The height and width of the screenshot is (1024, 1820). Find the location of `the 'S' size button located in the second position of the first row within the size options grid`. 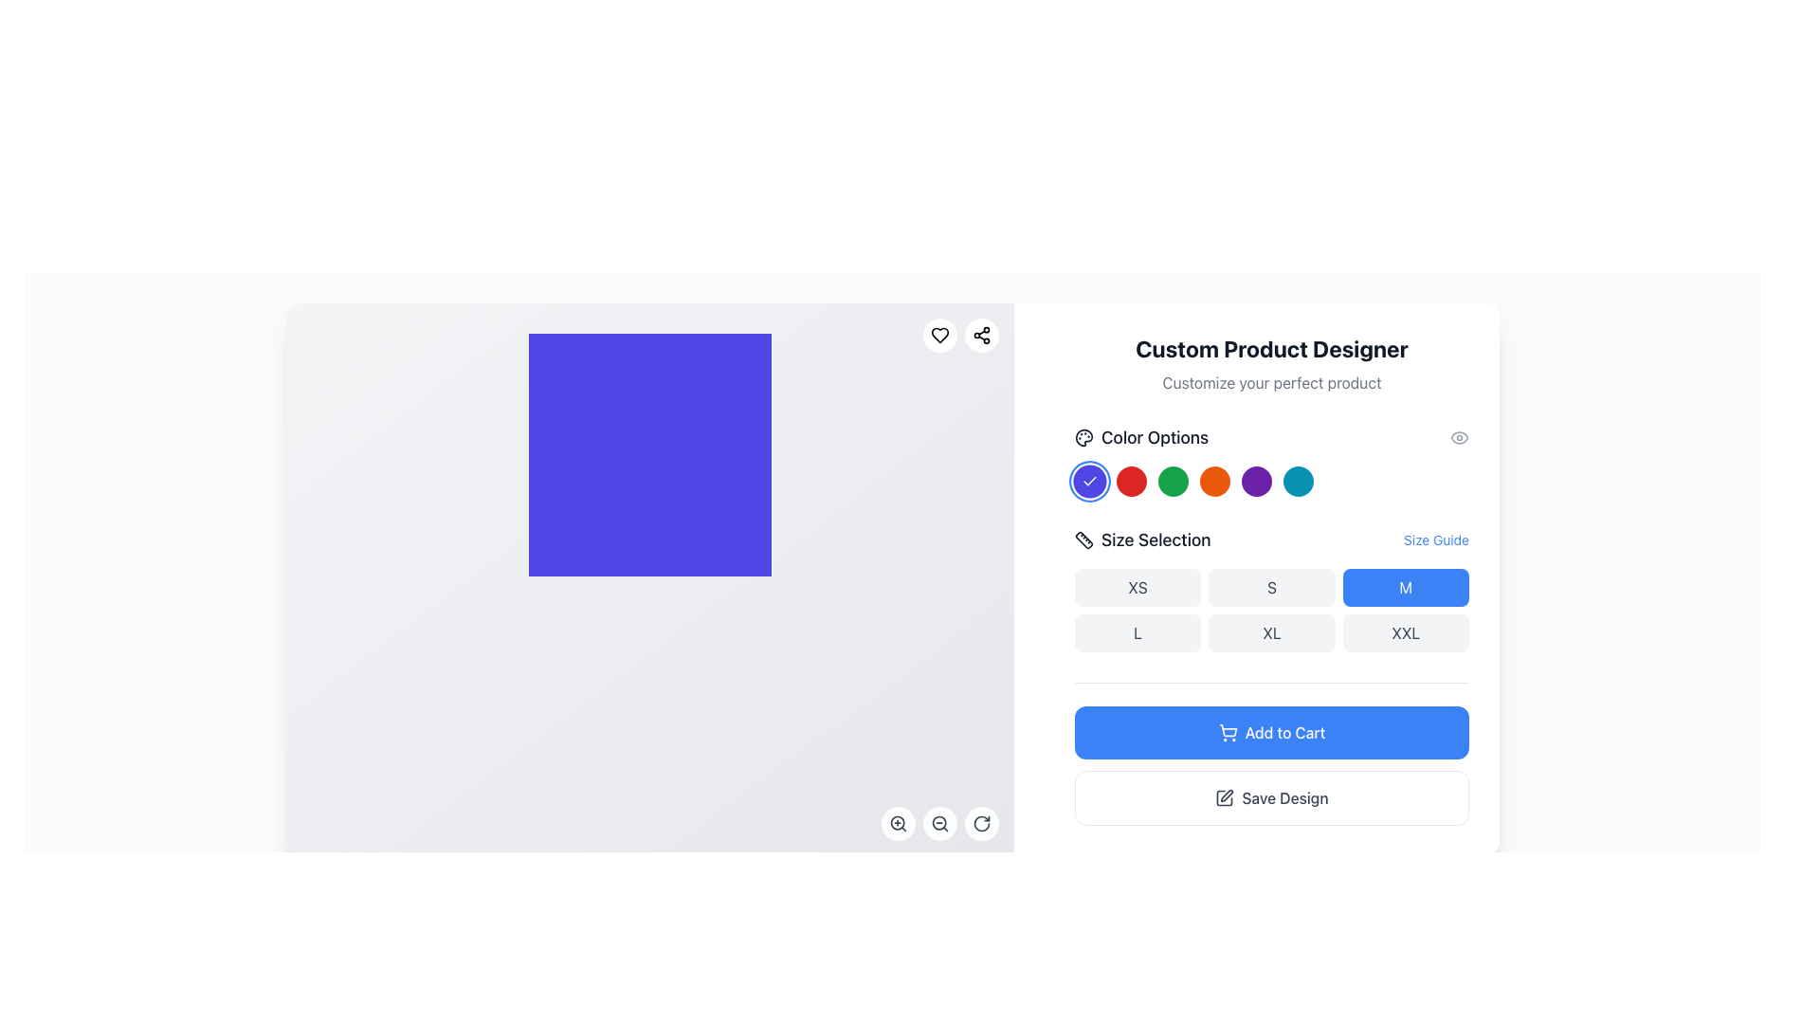

the 'S' size button located in the second position of the first row within the size options grid is located at coordinates (1272, 588).